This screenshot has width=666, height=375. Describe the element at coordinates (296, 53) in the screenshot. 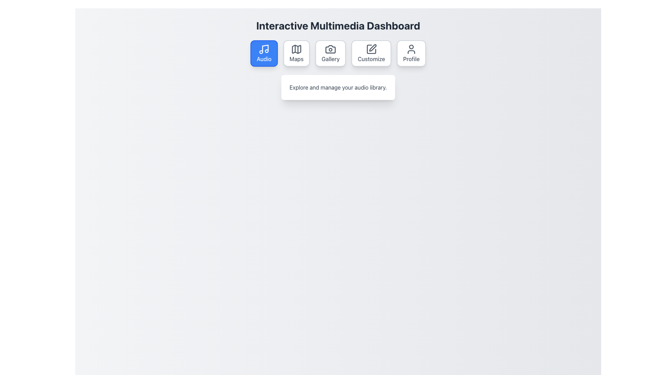

I see `the 'Maps' button, which is the second card from the left in the horizontal row of interactive cards beneath 'Interactive Multimedia Dashboard'. This button features a white background, light gray border, and contains a map icon above the text 'Maps'` at that location.